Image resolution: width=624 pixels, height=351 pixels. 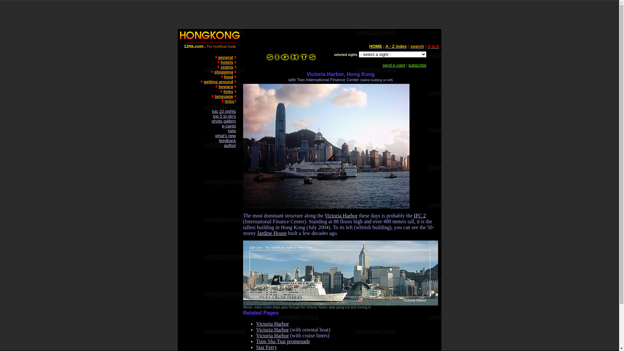 I want to click on 'shopping', so click(x=214, y=72).